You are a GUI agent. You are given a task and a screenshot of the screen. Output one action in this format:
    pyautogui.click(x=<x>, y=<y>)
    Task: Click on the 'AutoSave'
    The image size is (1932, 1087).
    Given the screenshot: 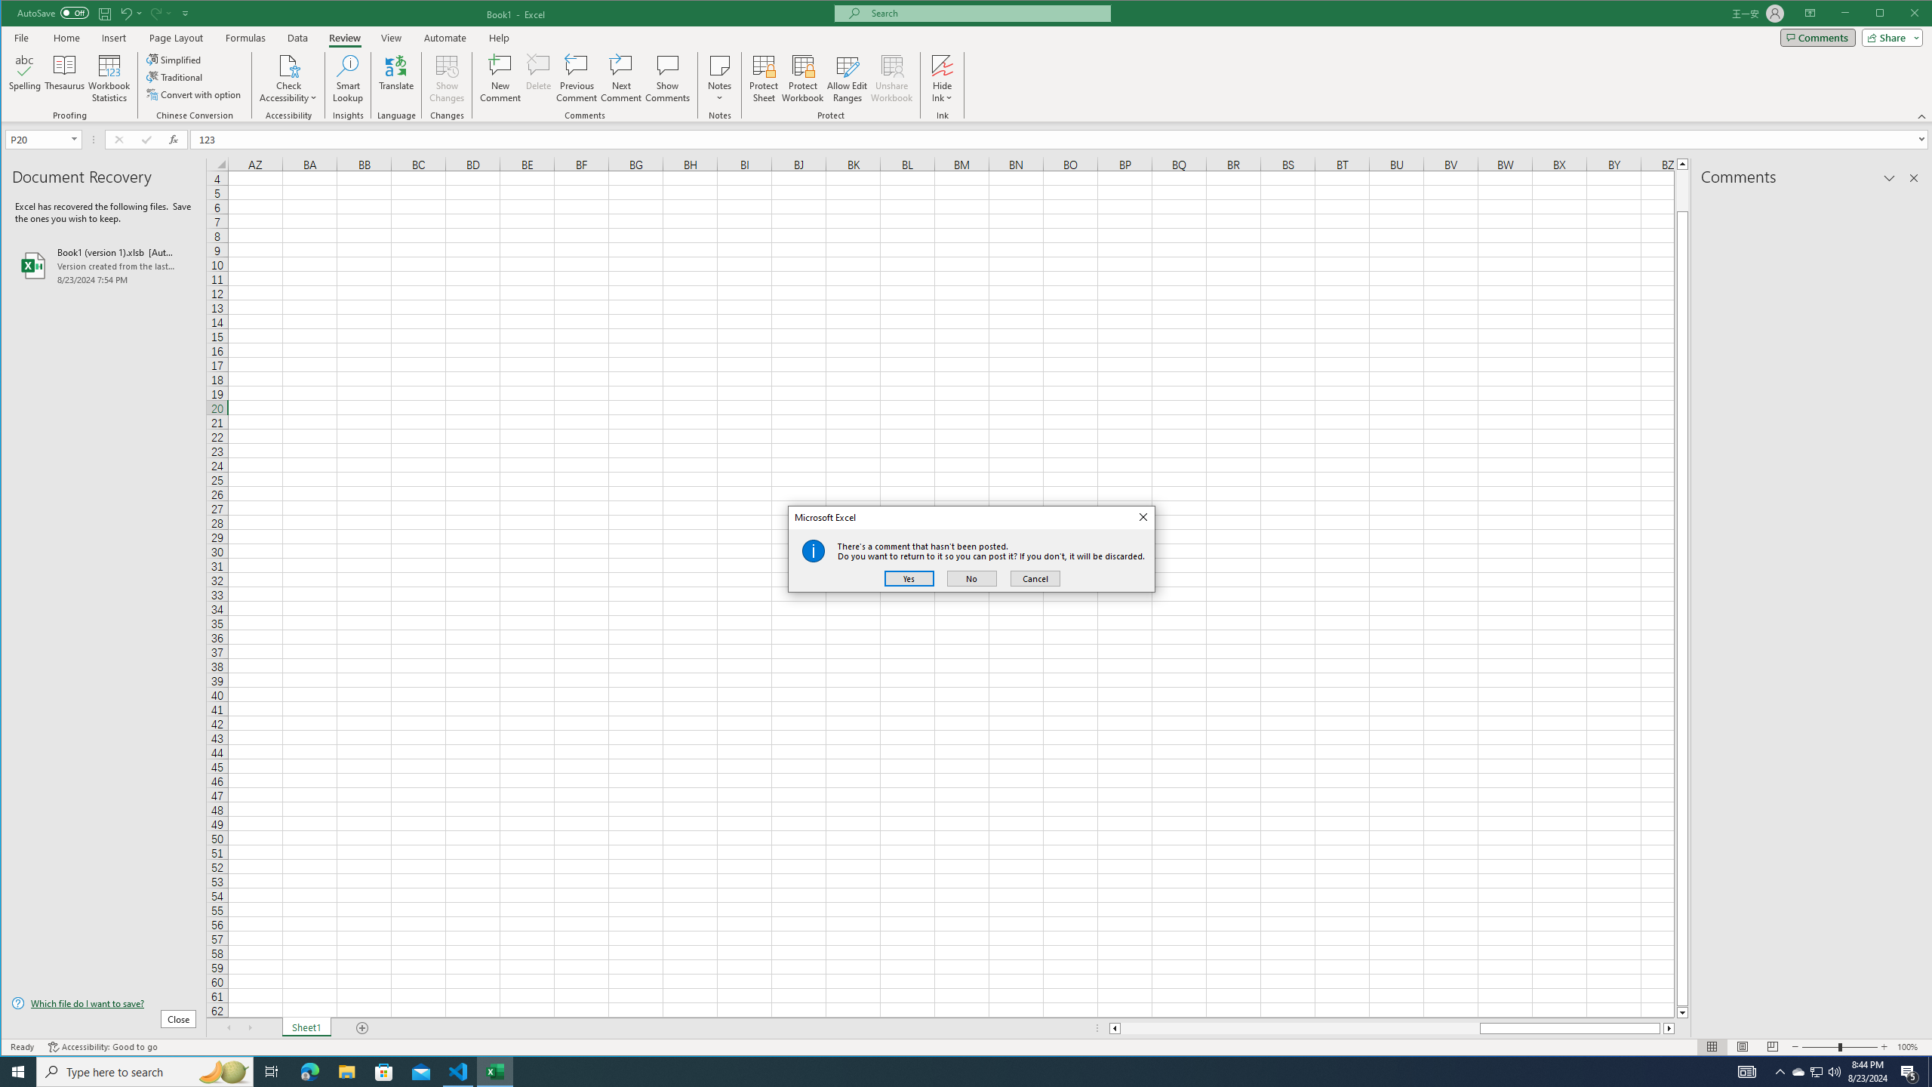 What is the action you would take?
    pyautogui.click(x=52, y=12)
    